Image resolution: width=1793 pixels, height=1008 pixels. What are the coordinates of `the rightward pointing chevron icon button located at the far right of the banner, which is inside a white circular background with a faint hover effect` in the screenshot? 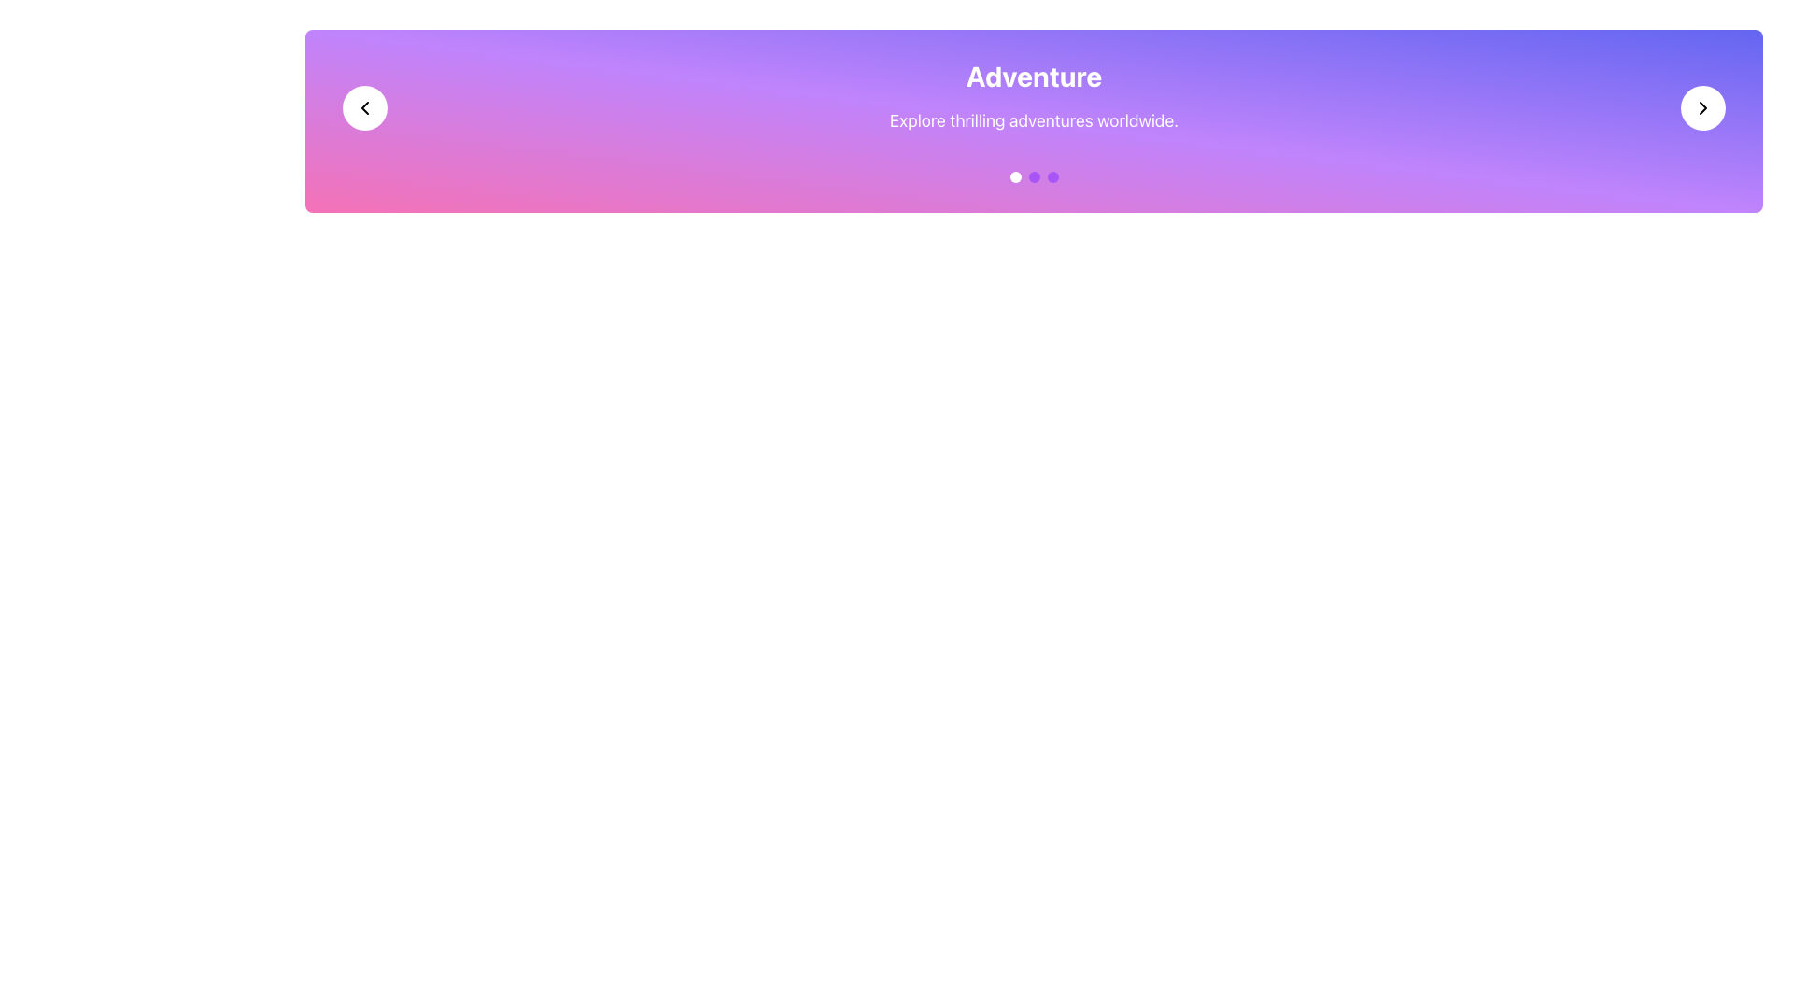 It's located at (1703, 107).